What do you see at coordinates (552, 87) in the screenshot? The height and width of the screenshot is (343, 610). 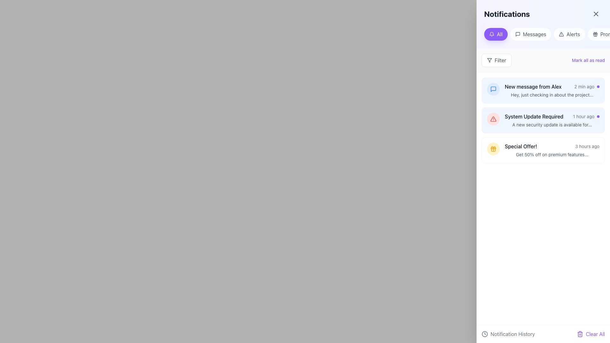 I see `the topmost notification with the text 'New message from Alex'` at bounding box center [552, 87].